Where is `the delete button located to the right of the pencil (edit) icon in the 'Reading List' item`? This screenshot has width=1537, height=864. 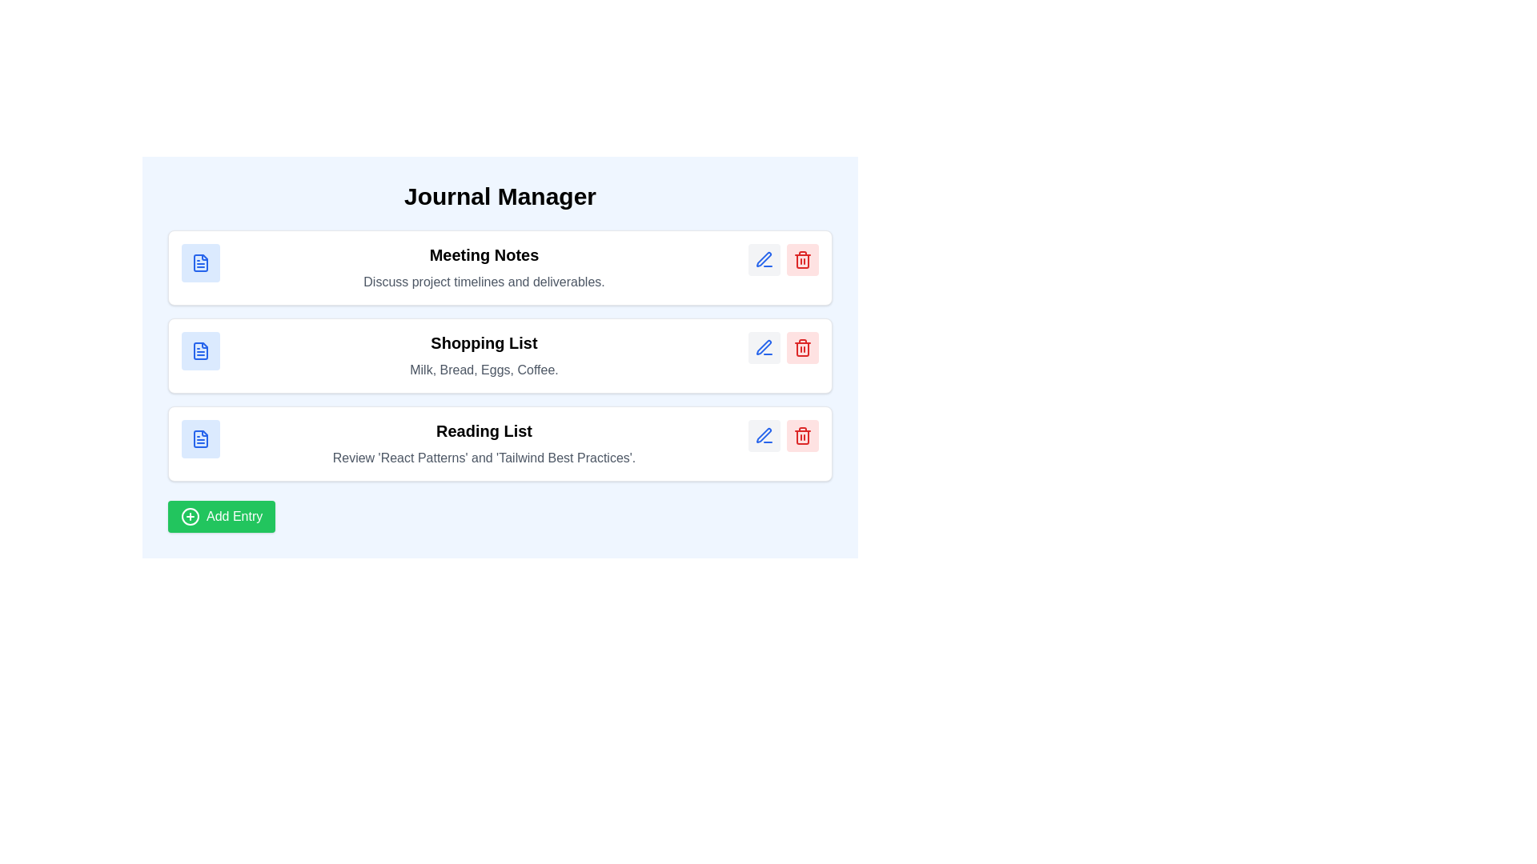 the delete button located to the right of the pencil (edit) icon in the 'Reading List' item is located at coordinates (803, 435).